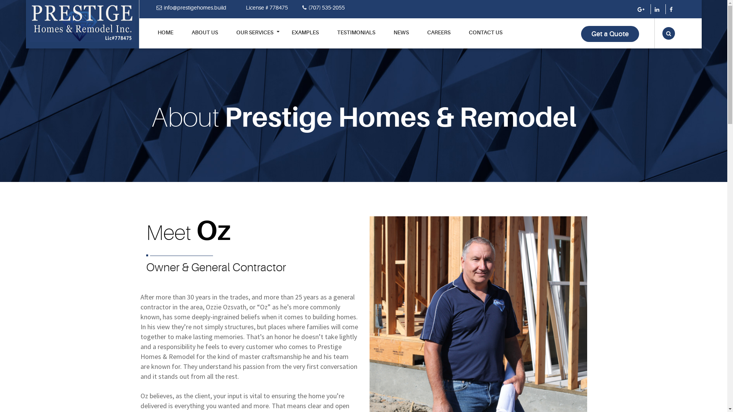  Describe the element at coordinates (355, 38) in the screenshot. I see `'TESTIMONIALS'` at that location.